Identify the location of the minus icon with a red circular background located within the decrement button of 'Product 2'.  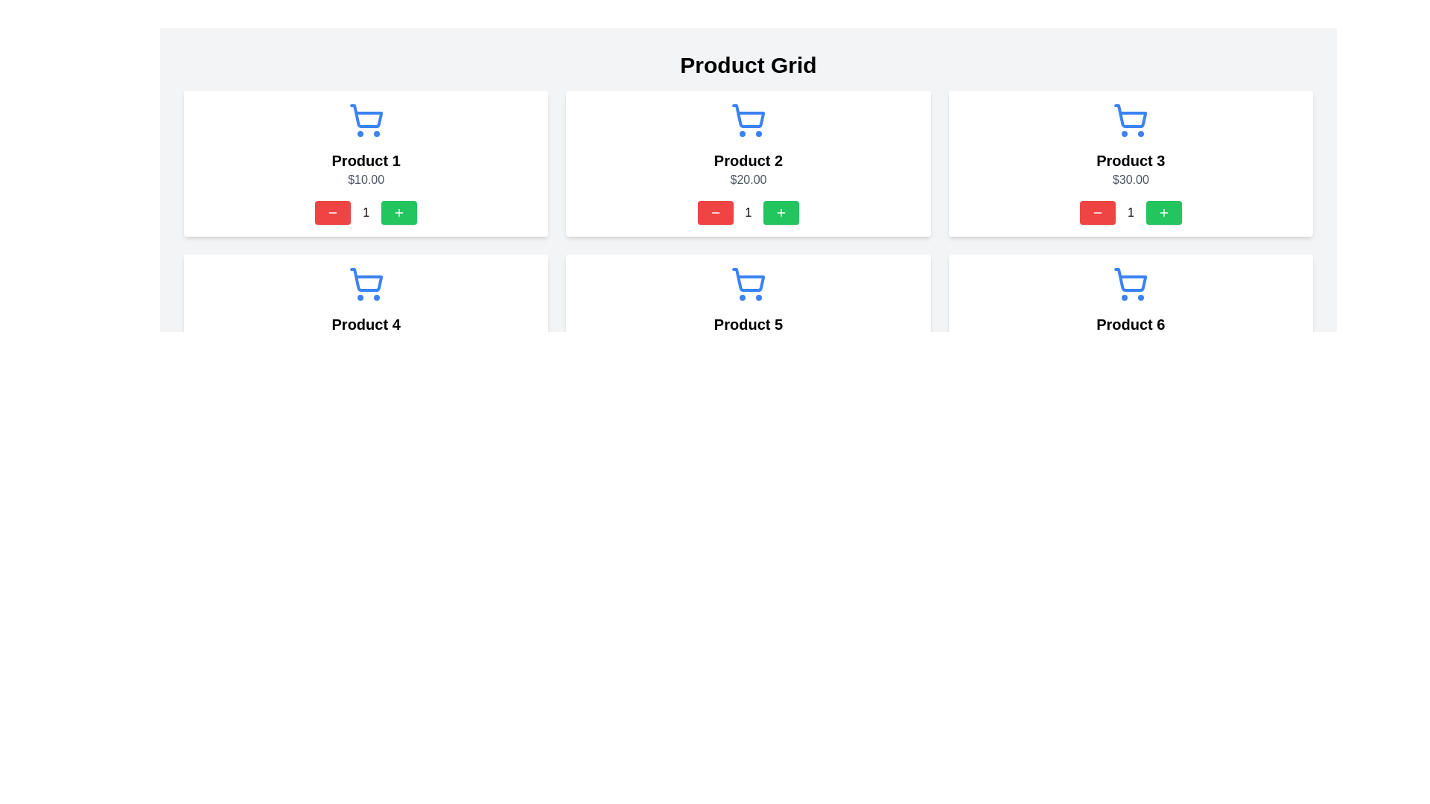
(715, 212).